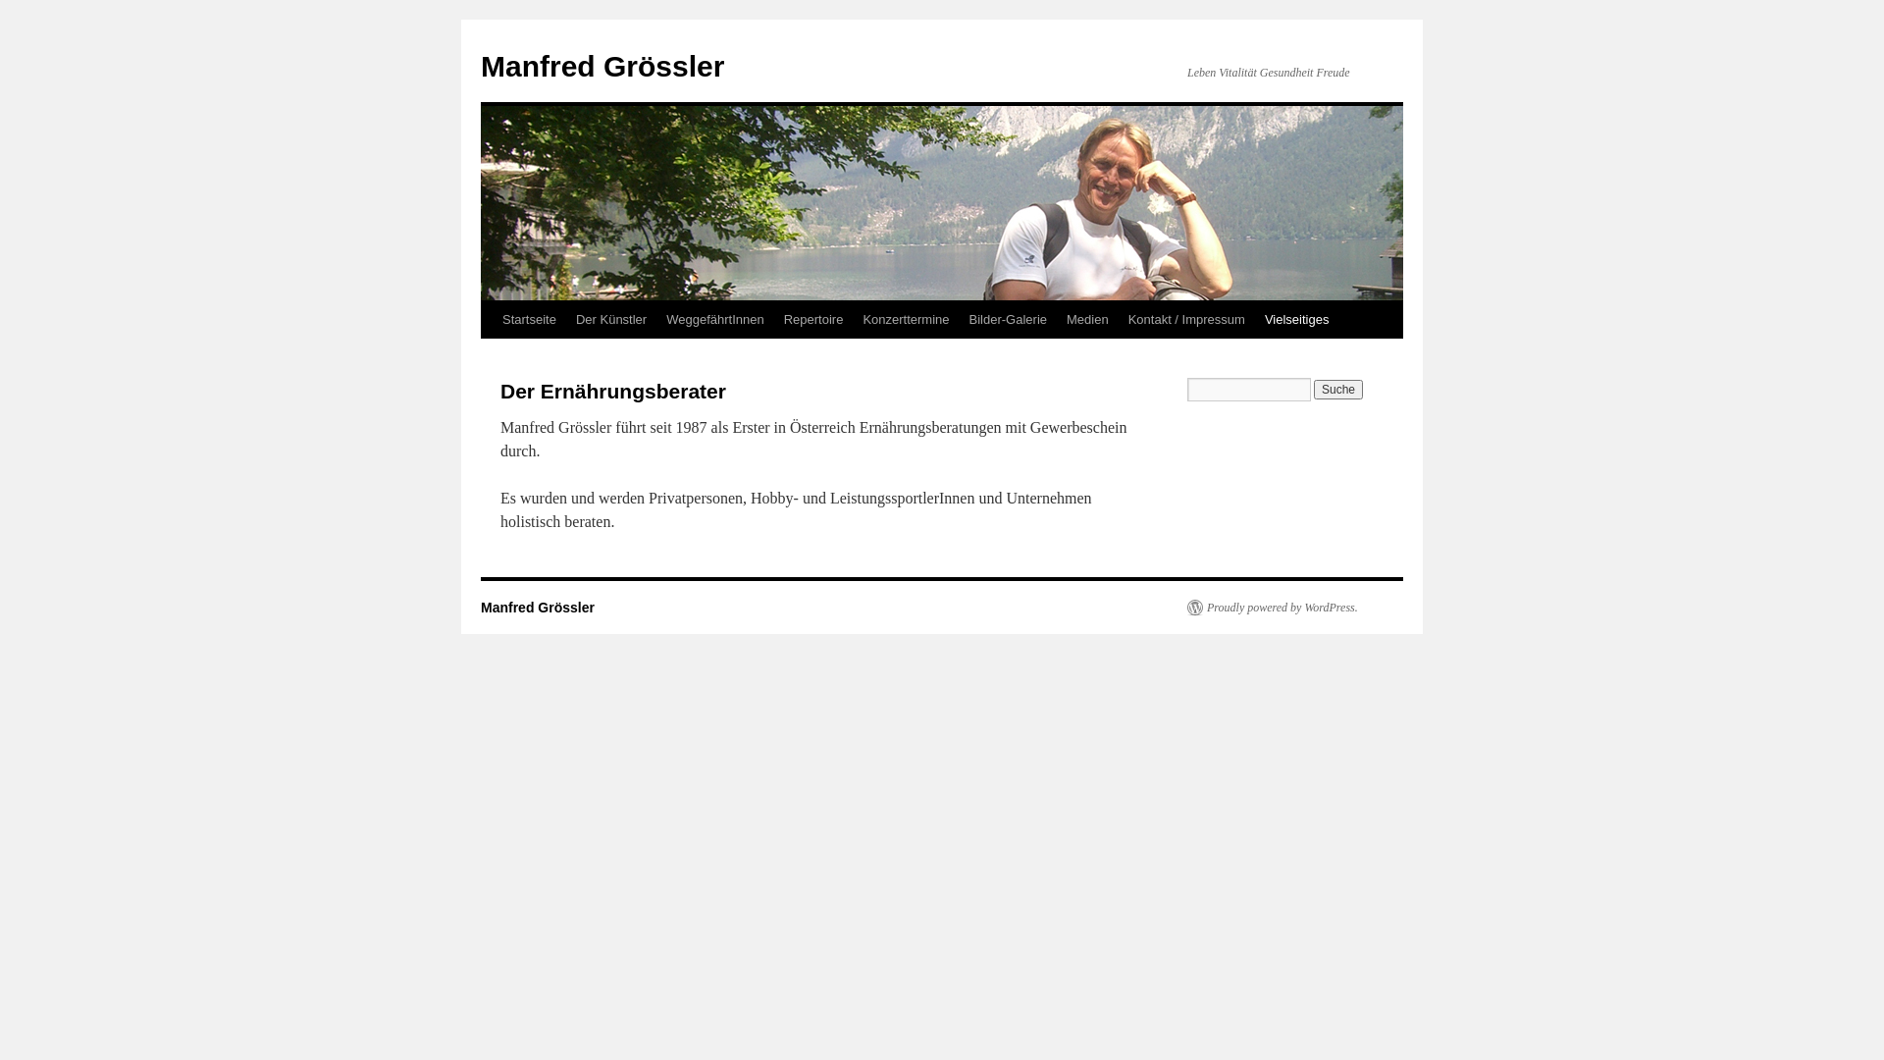 The width and height of the screenshot is (1884, 1060). Describe the element at coordinates (490, 356) in the screenshot. I see `'Zum Inhalt springen'` at that location.